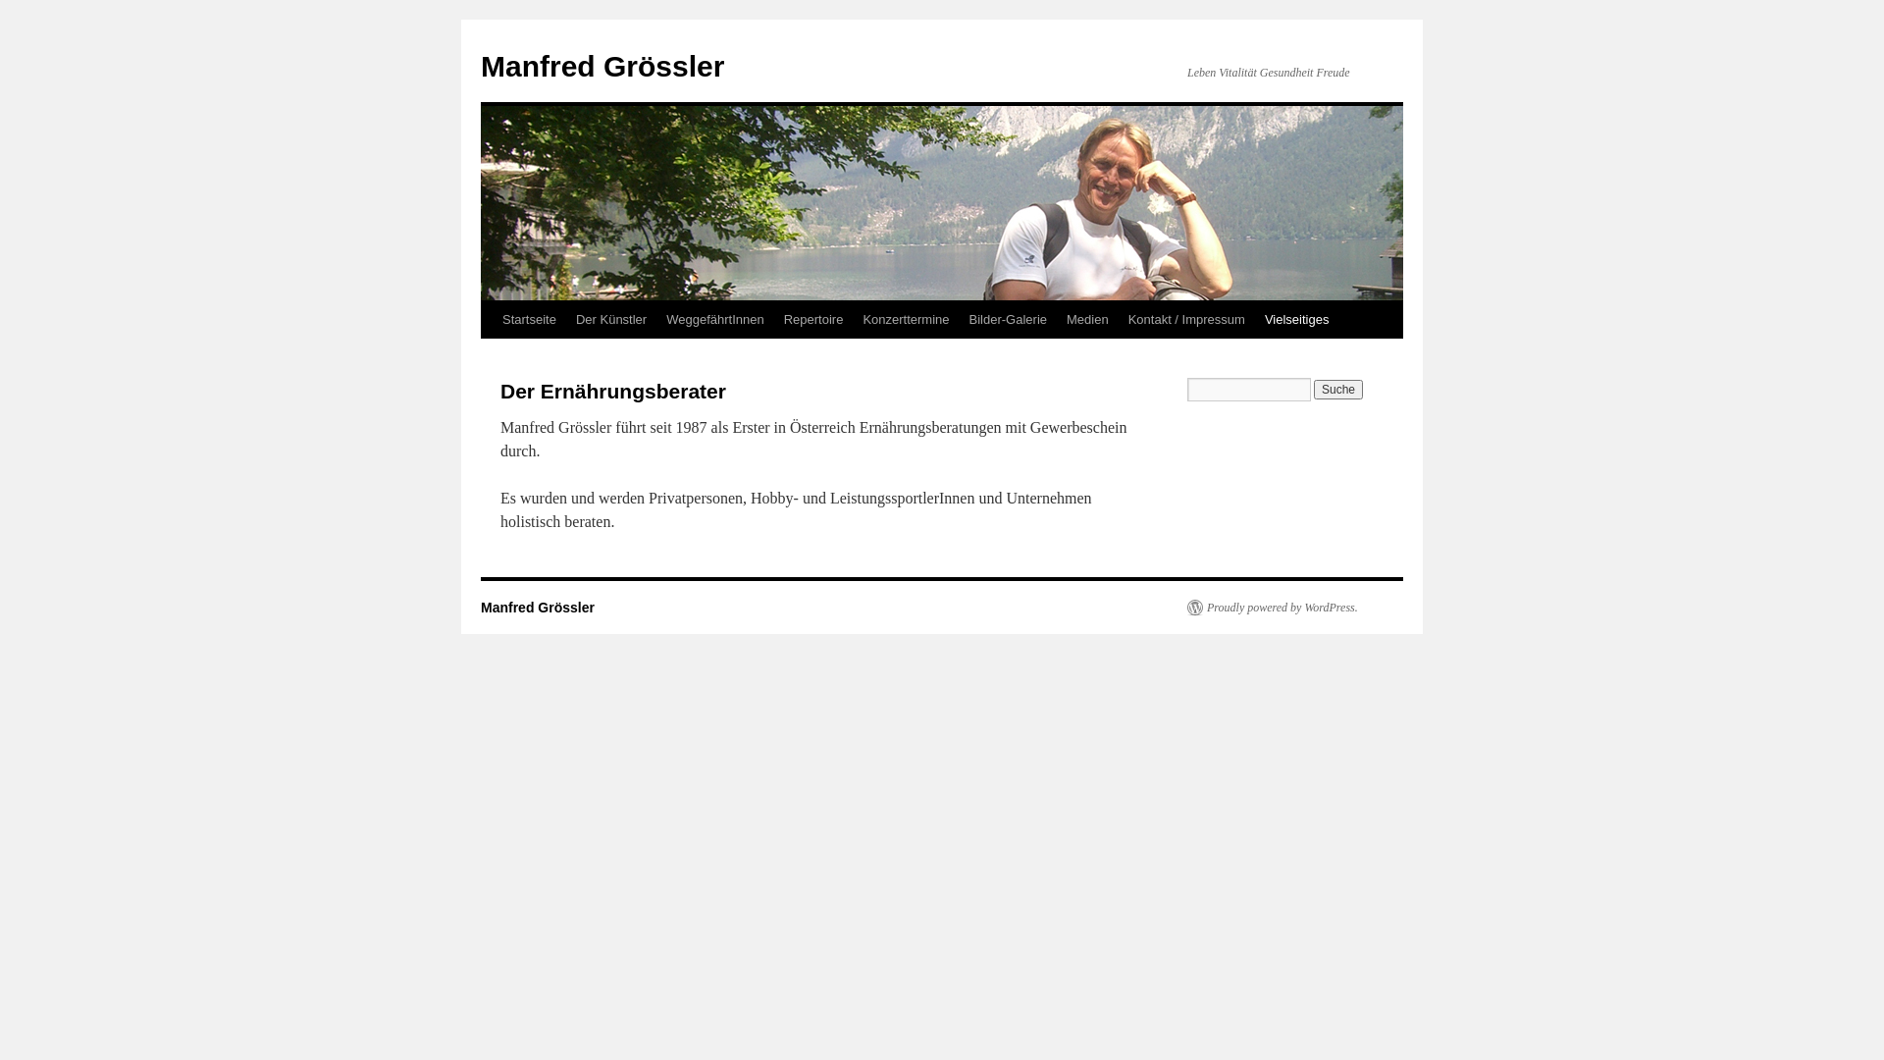 The width and height of the screenshot is (1884, 1060). Describe the element at coordinates (490, 356) in the screenshot. I see `'Zum Inhalt springen'` at that location.